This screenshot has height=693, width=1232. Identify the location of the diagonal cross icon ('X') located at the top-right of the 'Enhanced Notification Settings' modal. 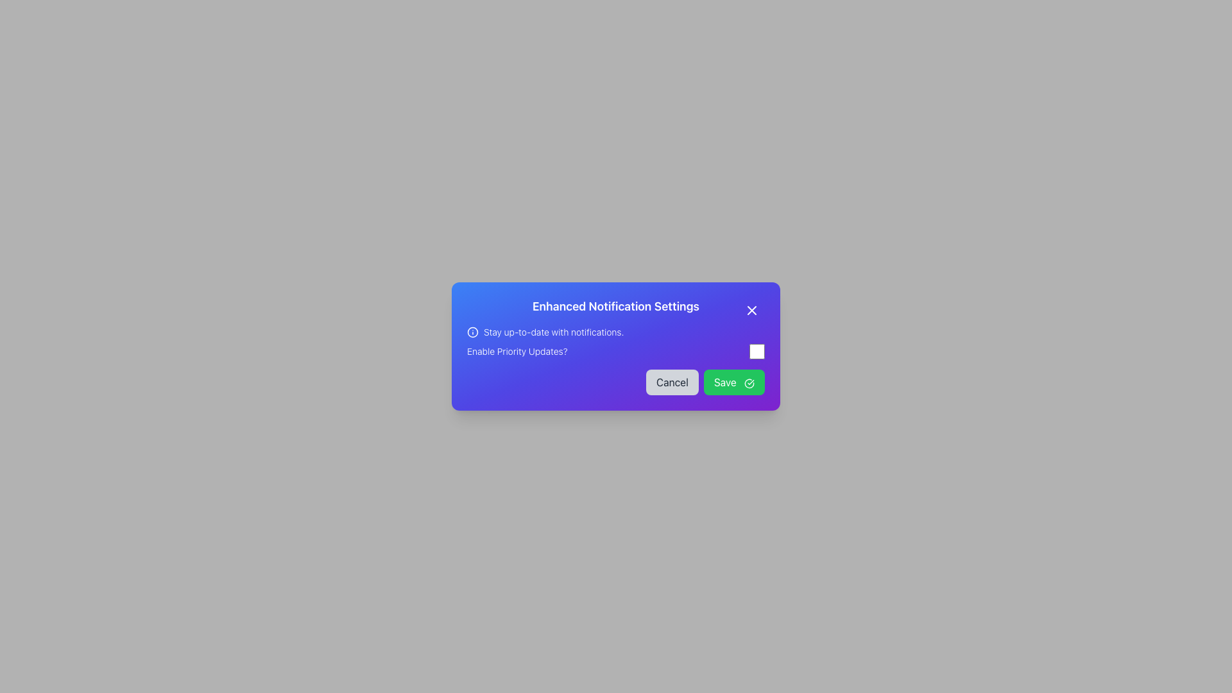
(751, 310).